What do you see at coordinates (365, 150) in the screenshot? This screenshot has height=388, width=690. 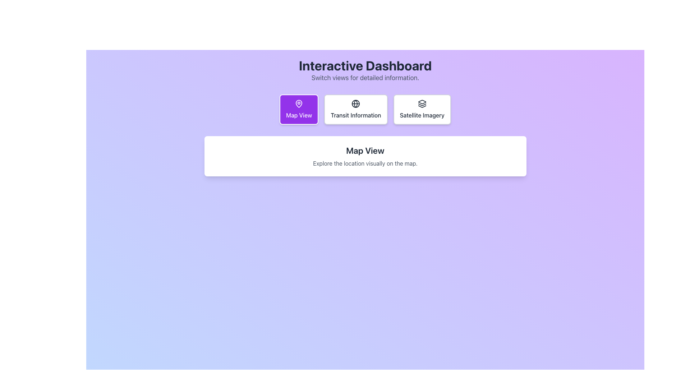 I see `the 'Map View' header element, which indicates the feature for exploring locations visually on the map` at bounding box center [365, 150].